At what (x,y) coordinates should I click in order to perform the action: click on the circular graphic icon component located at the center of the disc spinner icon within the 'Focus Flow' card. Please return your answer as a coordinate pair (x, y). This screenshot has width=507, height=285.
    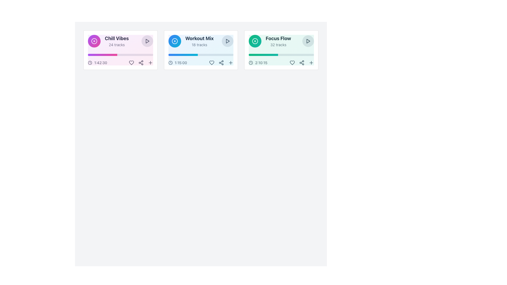
    Looking at the image, I should click on (255, 41).